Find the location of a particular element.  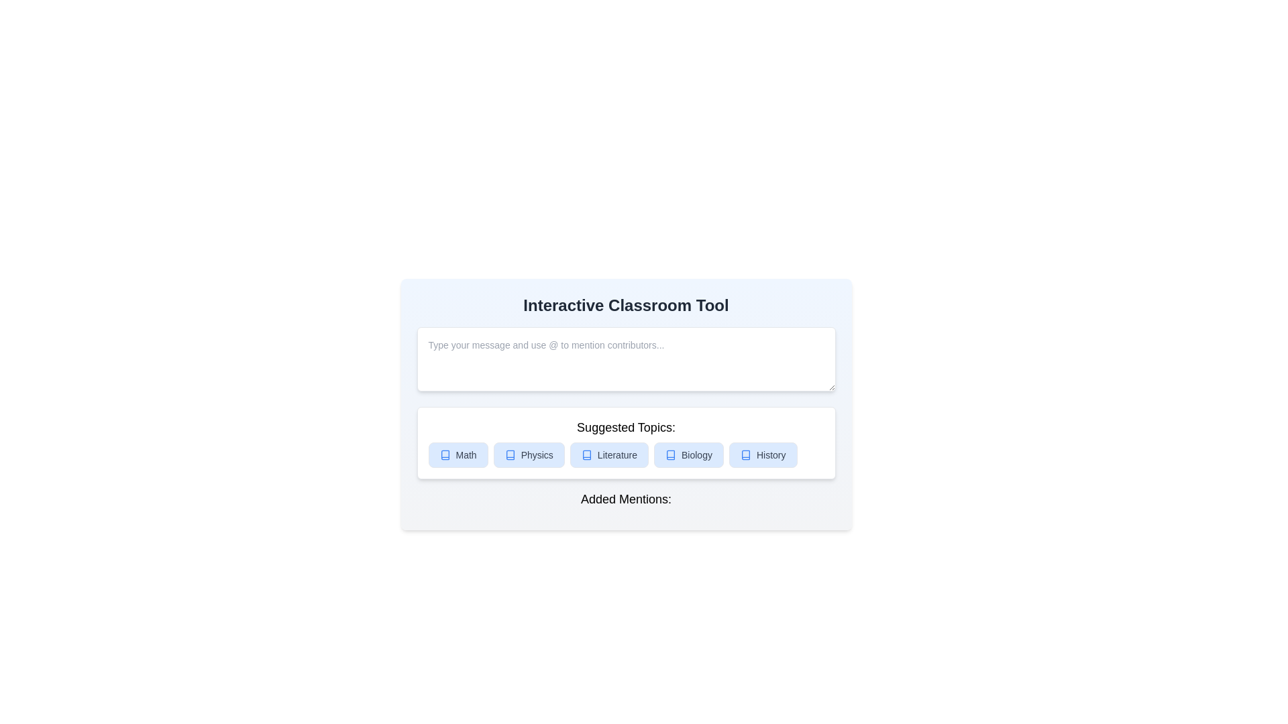

the small blue book icon located to the left of the 'Literature' label within the suggested topics section of the UI is located at coordinates (586, 454).